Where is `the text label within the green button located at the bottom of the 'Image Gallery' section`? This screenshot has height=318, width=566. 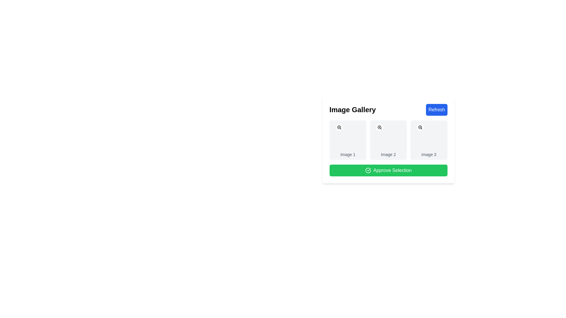 the text label within the green button located at the bottom of the 'Image Gallery' section is located at coordinates (392, 170).